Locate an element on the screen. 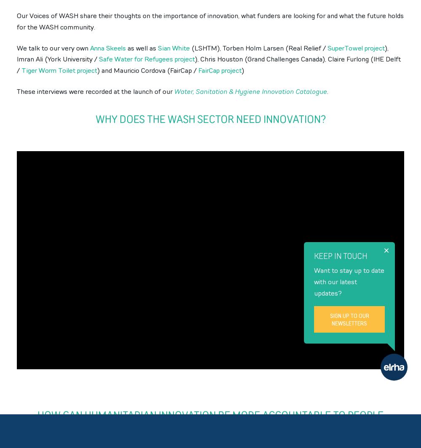 The height and width of the screenshot is (448, 421). '.' is located at coordinates (328, 91).